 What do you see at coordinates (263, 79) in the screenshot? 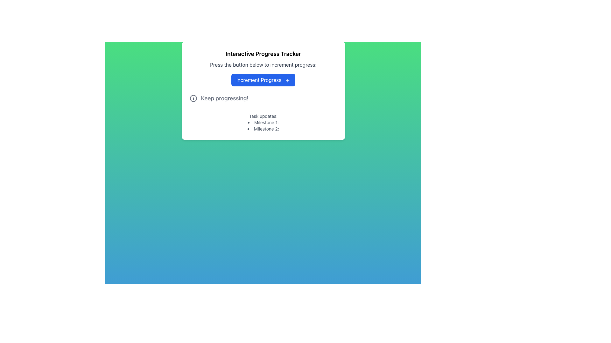
I see `the button with rounded corners and a blue background that contains the text 'Increment Progress' and a '+' icon` at bounding box center [263, 79].